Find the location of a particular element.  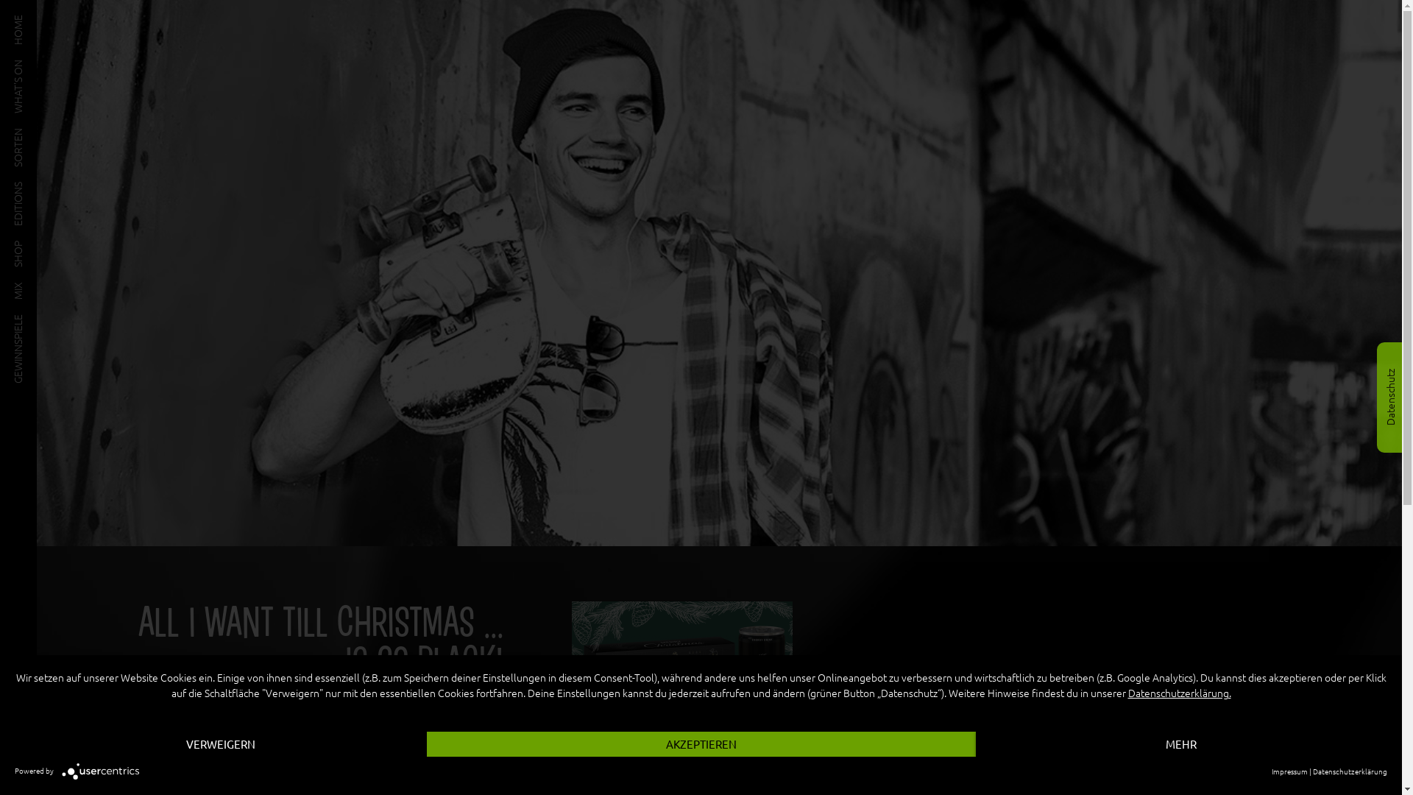

'MEHR' is located at coordinates (1182, 744).